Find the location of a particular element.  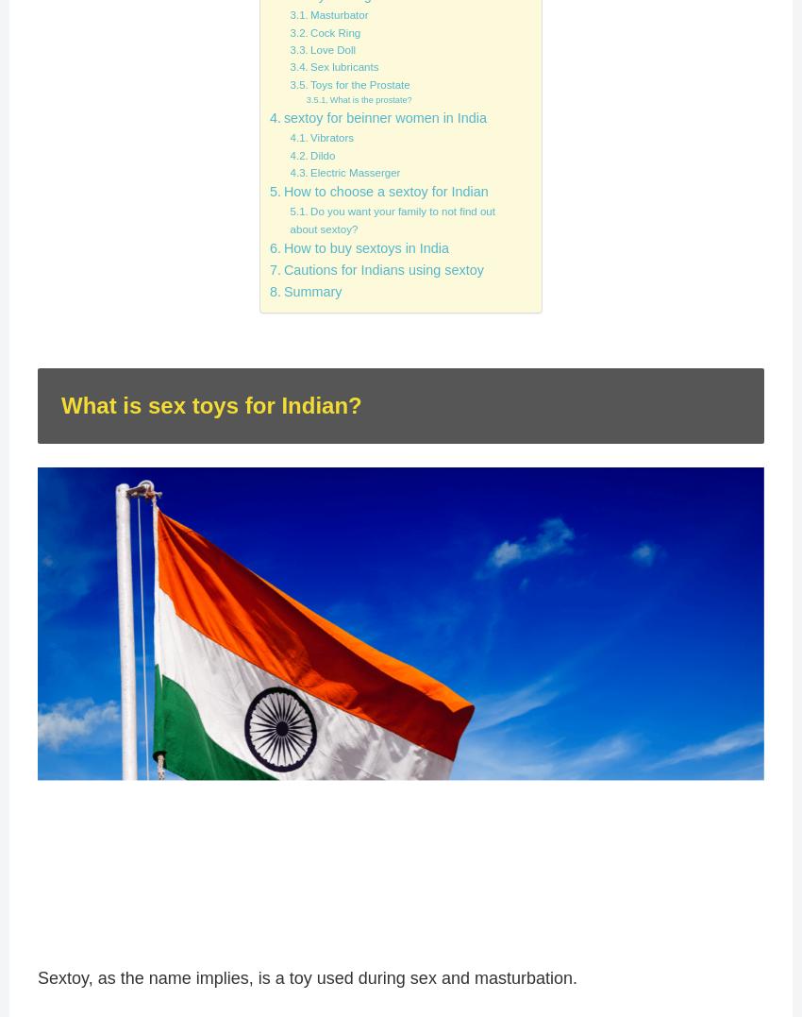

'How to choose a sextoy for Indian' is located at coordinates (385, 191).